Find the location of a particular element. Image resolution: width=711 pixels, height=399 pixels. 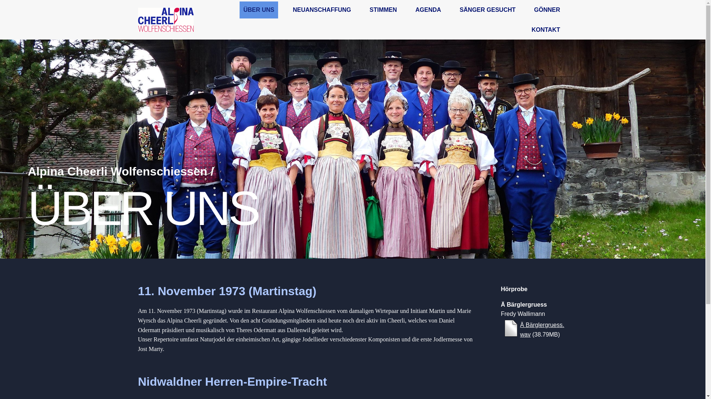

'STIMMEN' is located at coordinates (383, 10).